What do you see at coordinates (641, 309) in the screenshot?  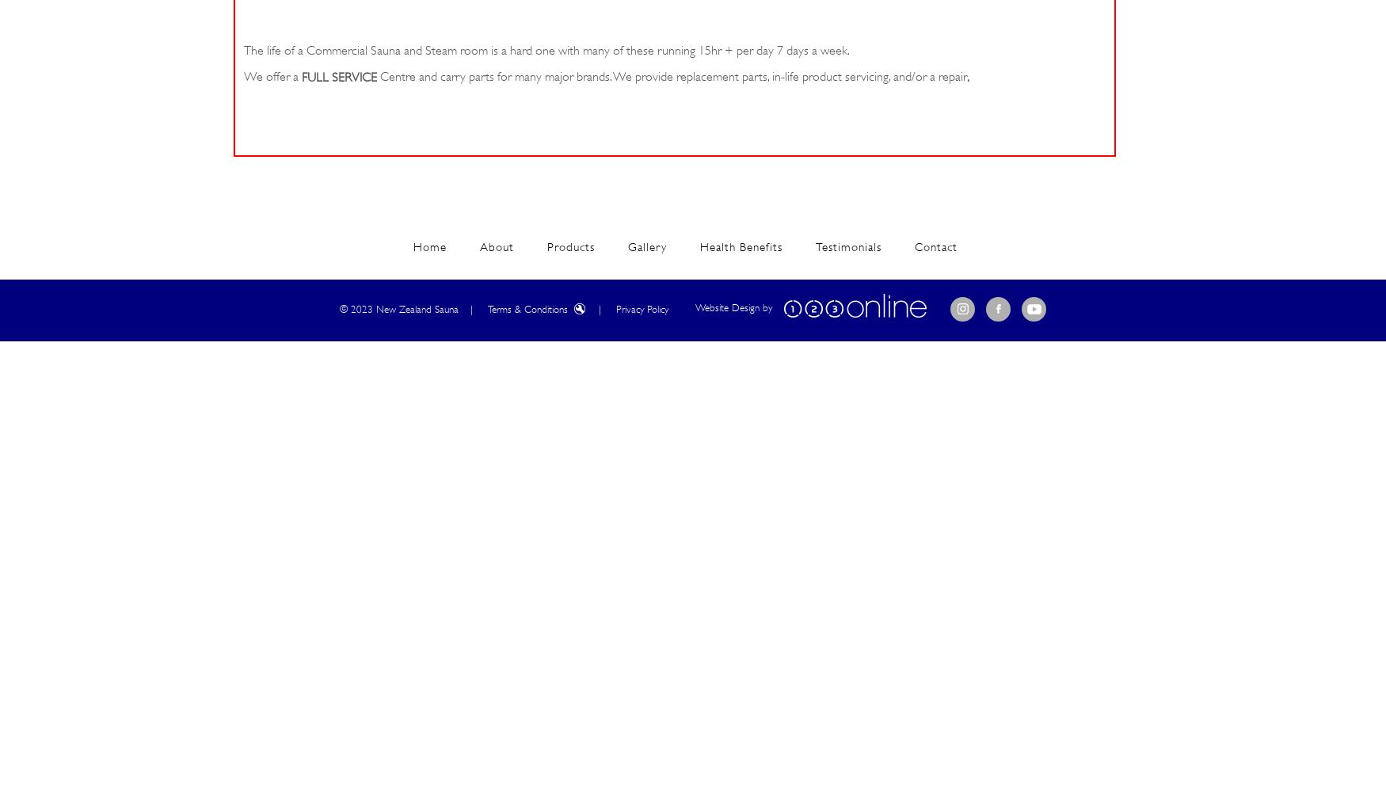 I see `'Privacy Policy'` at bounding box center [641, 309].